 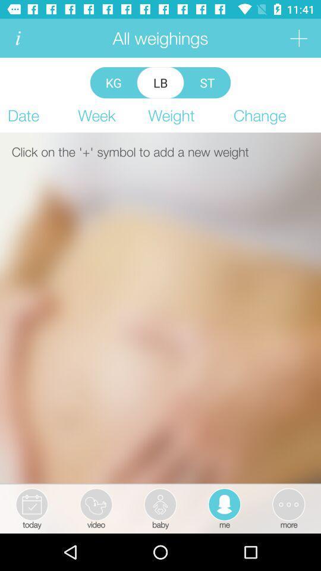 What do you see at coordinates (114, 82) in the screenshot?
I see `item below the all weighings icon` at bounding box center [114, 82].